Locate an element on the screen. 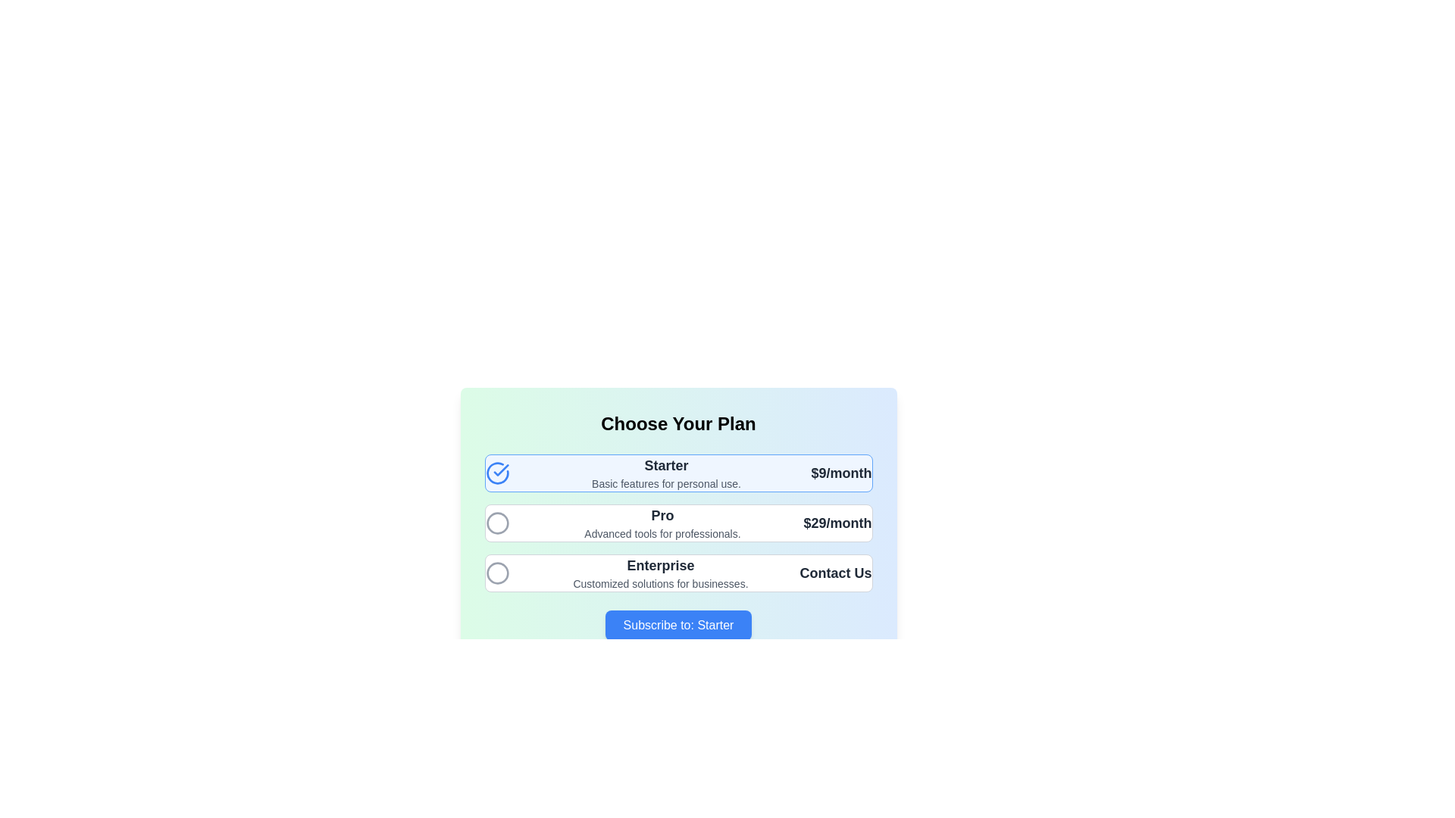  the text label containing 'Basic features for personal use.' located below the 'Starter' heading in the pricing section is located at coordinates (666, 484).